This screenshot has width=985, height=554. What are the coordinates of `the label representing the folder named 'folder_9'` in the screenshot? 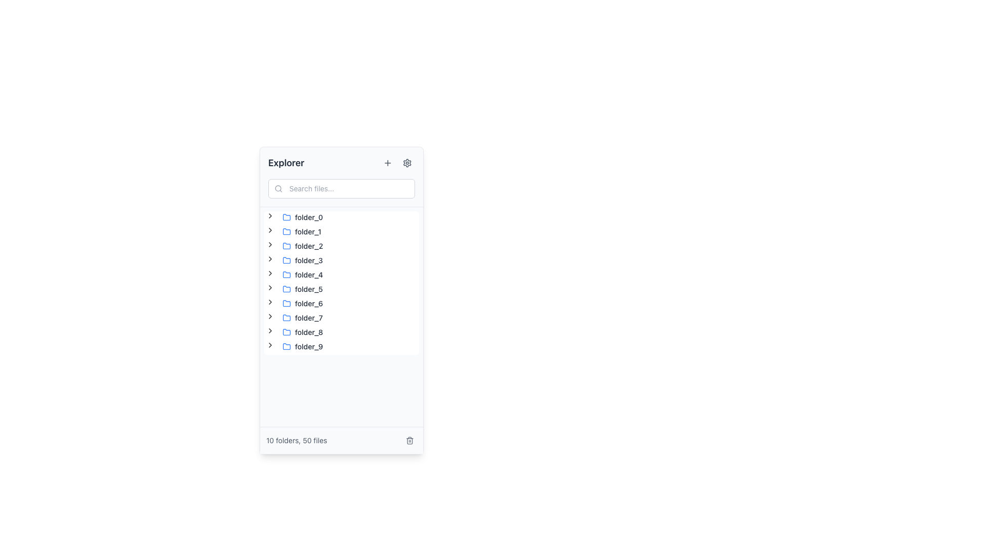 It's located at (308, 346).